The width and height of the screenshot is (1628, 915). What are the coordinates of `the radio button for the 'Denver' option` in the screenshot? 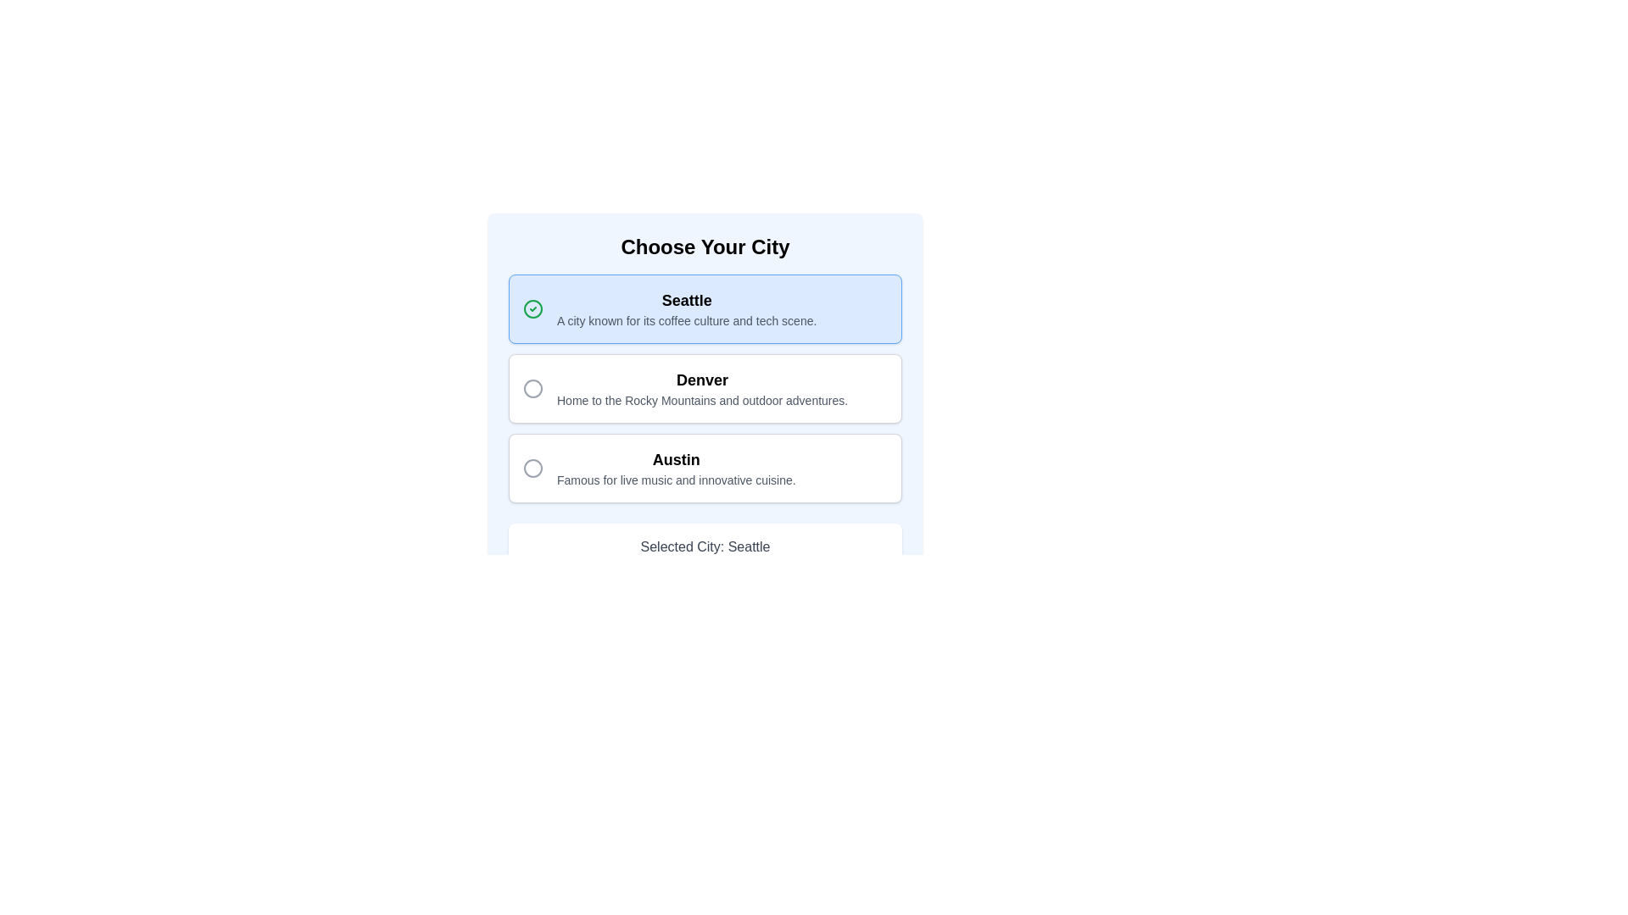 It's located at (532, 389).